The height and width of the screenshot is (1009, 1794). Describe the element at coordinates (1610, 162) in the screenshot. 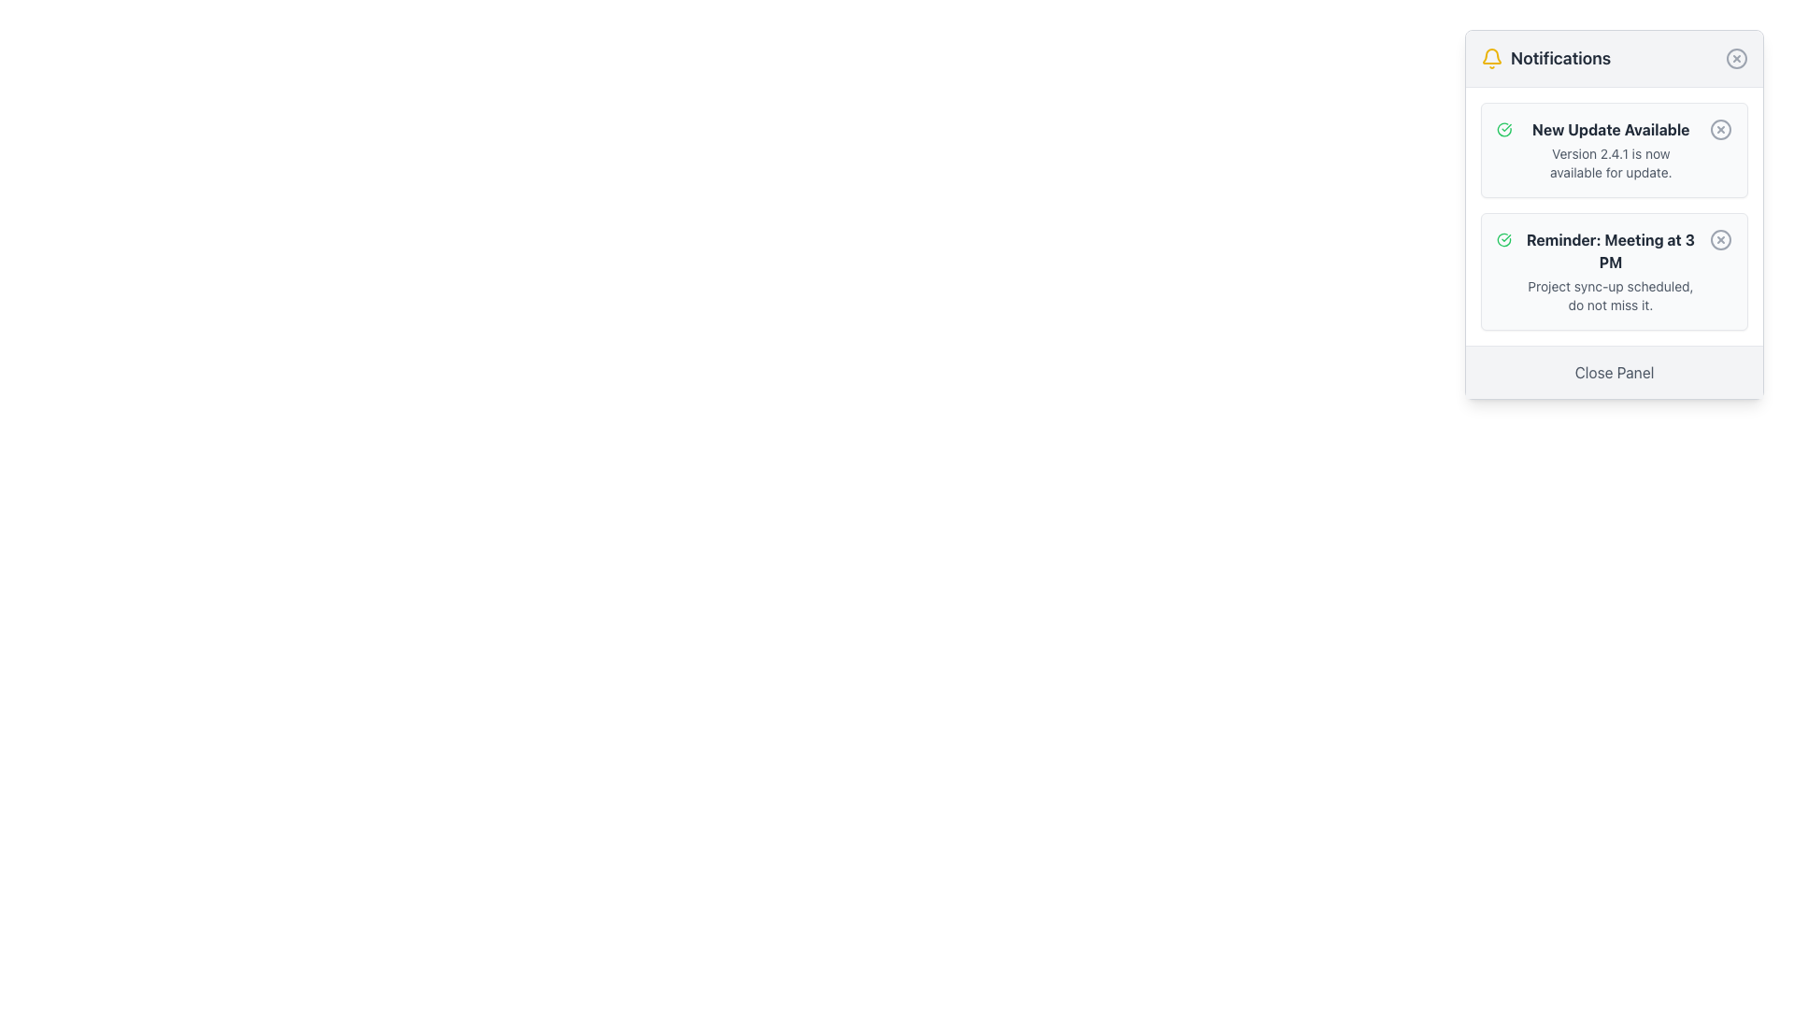

I see `the text label that reads 'Version 2.4.1 is now available for update.' located under the heading 'New Update Available' in the notification card on the top-right corner` at that location.